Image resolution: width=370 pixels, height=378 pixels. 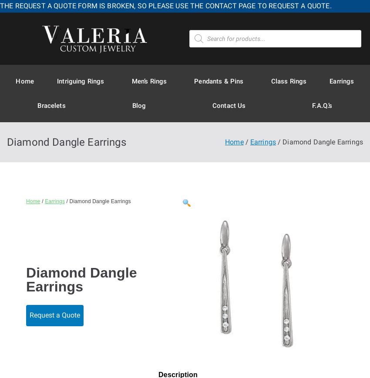 What do you see at coordinates (57, 80) in the screenshot?
I see `'Intriguing Rings'` at bounding box center [57, 80].